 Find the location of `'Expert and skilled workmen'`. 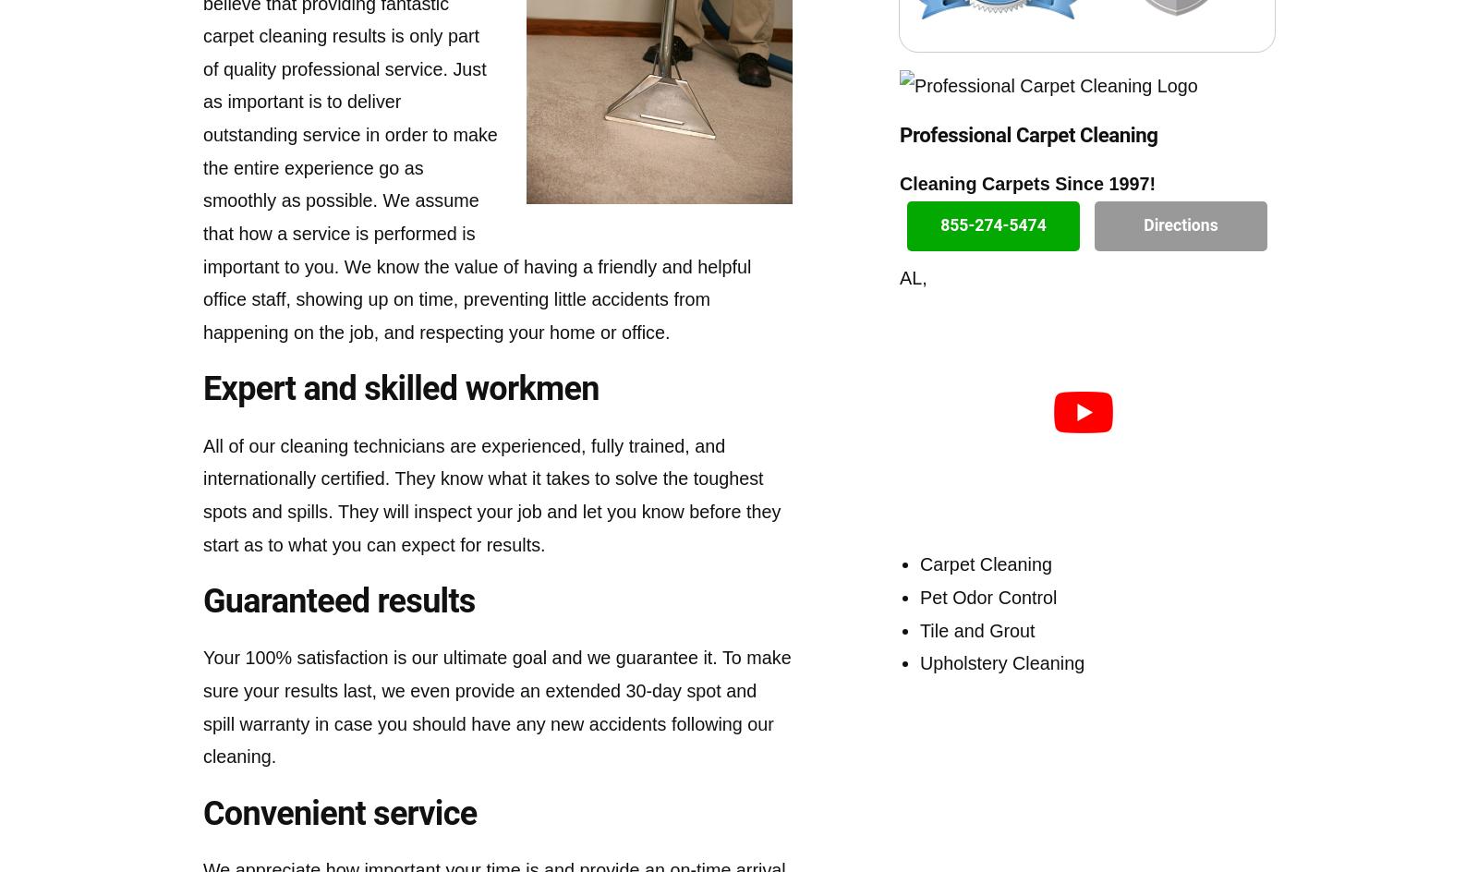

'Expert and skilled workmen' is located at coordinates (399, 388).